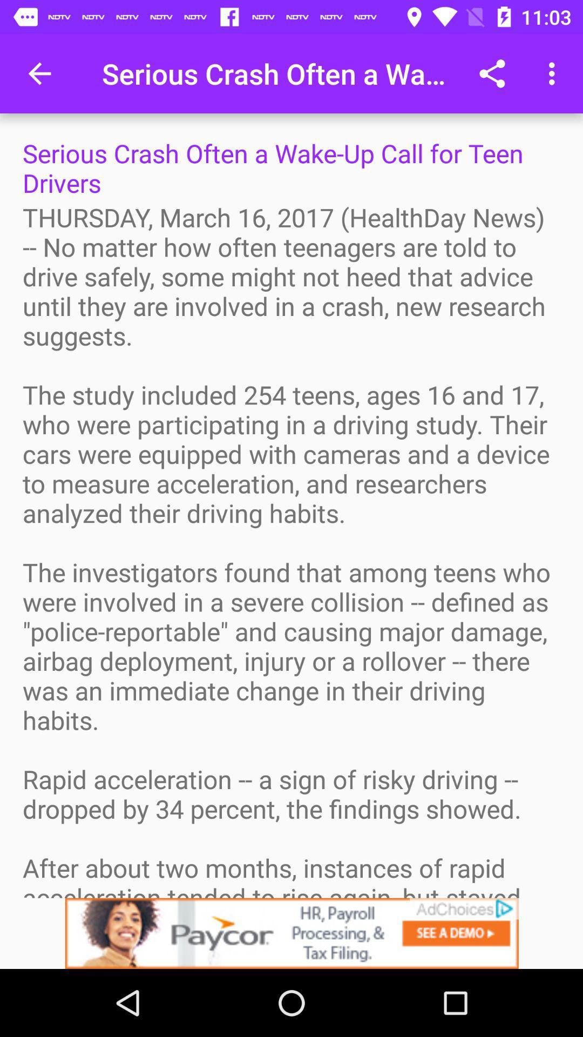 This screenshot has height=1037, width=583. Describe the element at coordinates (291, 933) in the screenshot. I see `view advertisements` at that location.